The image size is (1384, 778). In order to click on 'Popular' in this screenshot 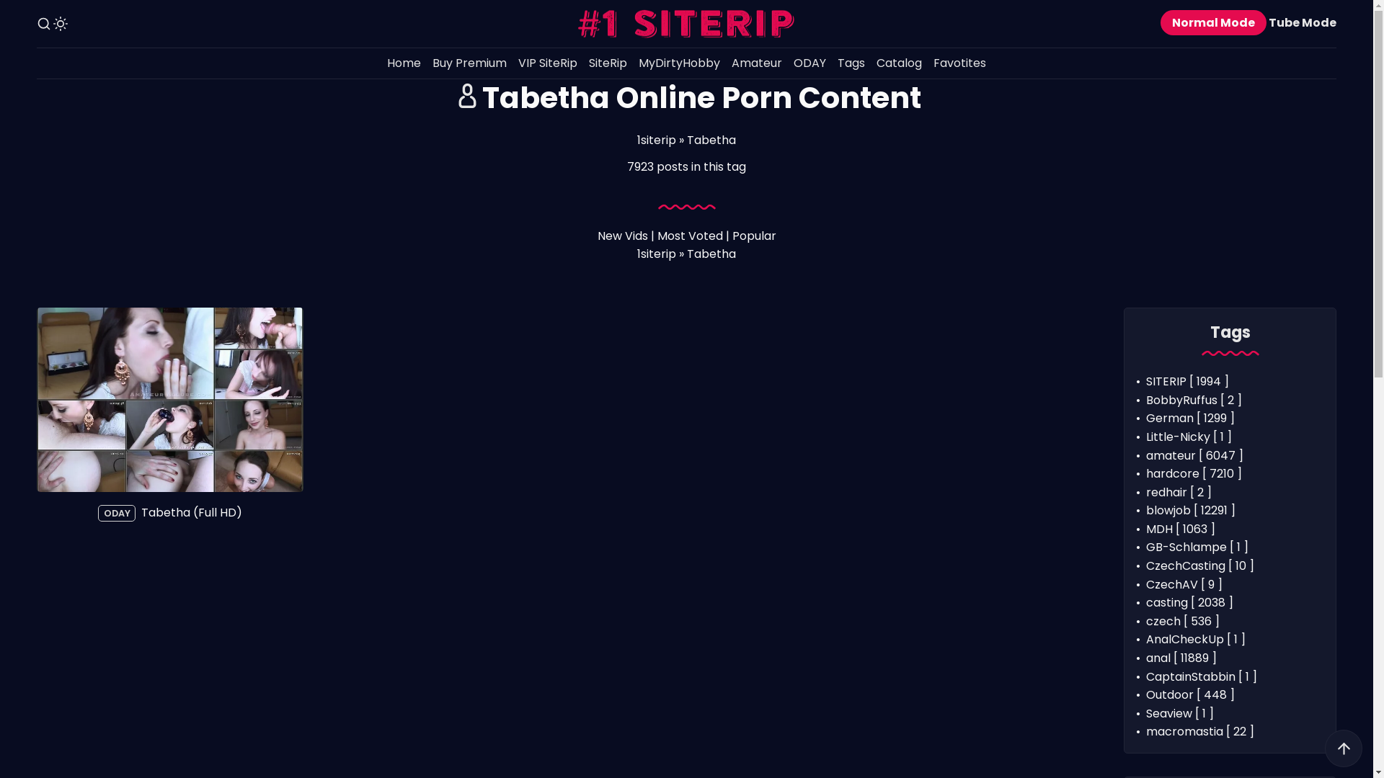, I will do `click(753, 235)`.